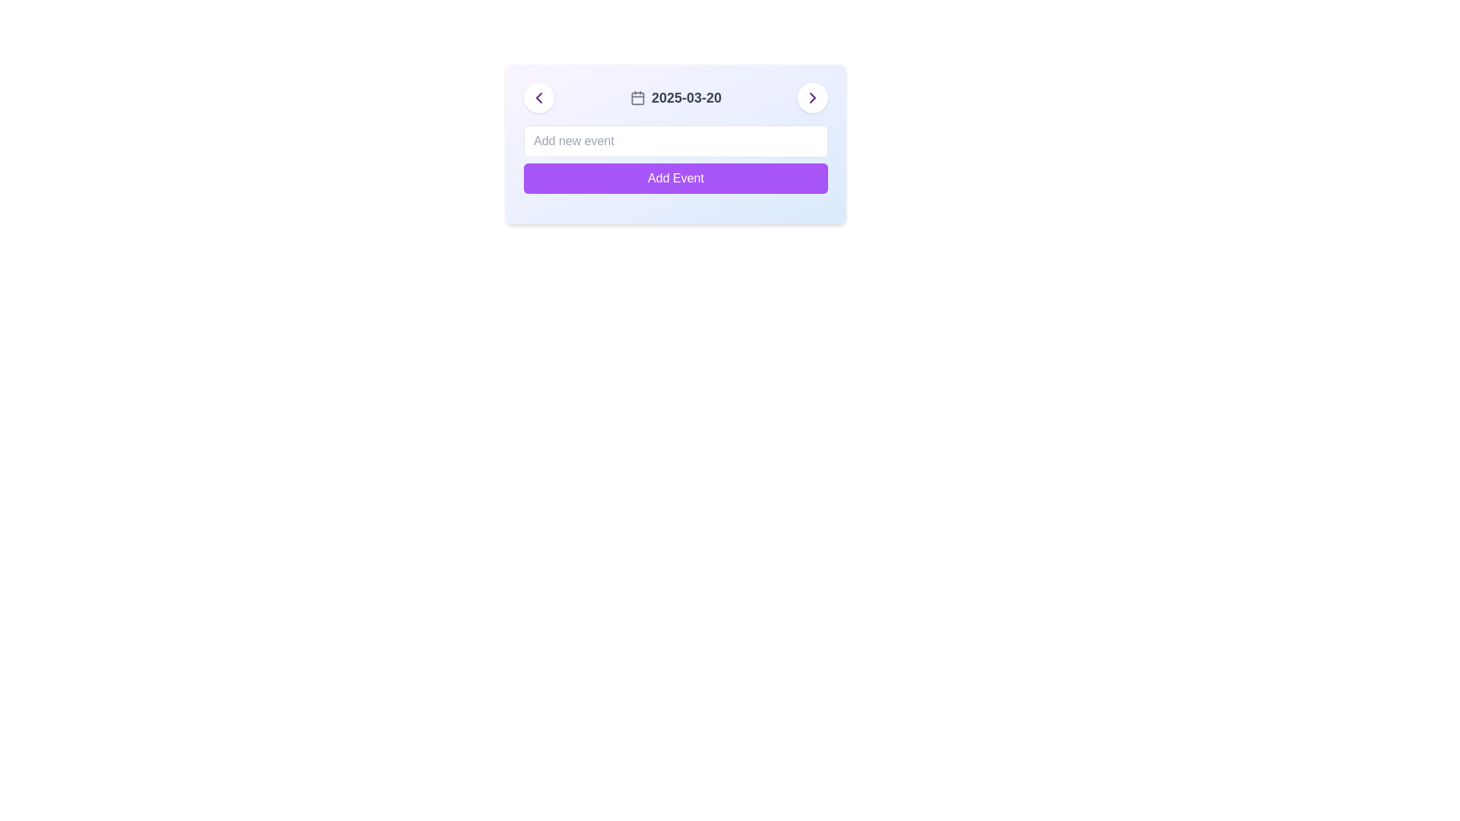  I want to click on the chevron icon button on the far-right side of the header section, so click(812, 97).